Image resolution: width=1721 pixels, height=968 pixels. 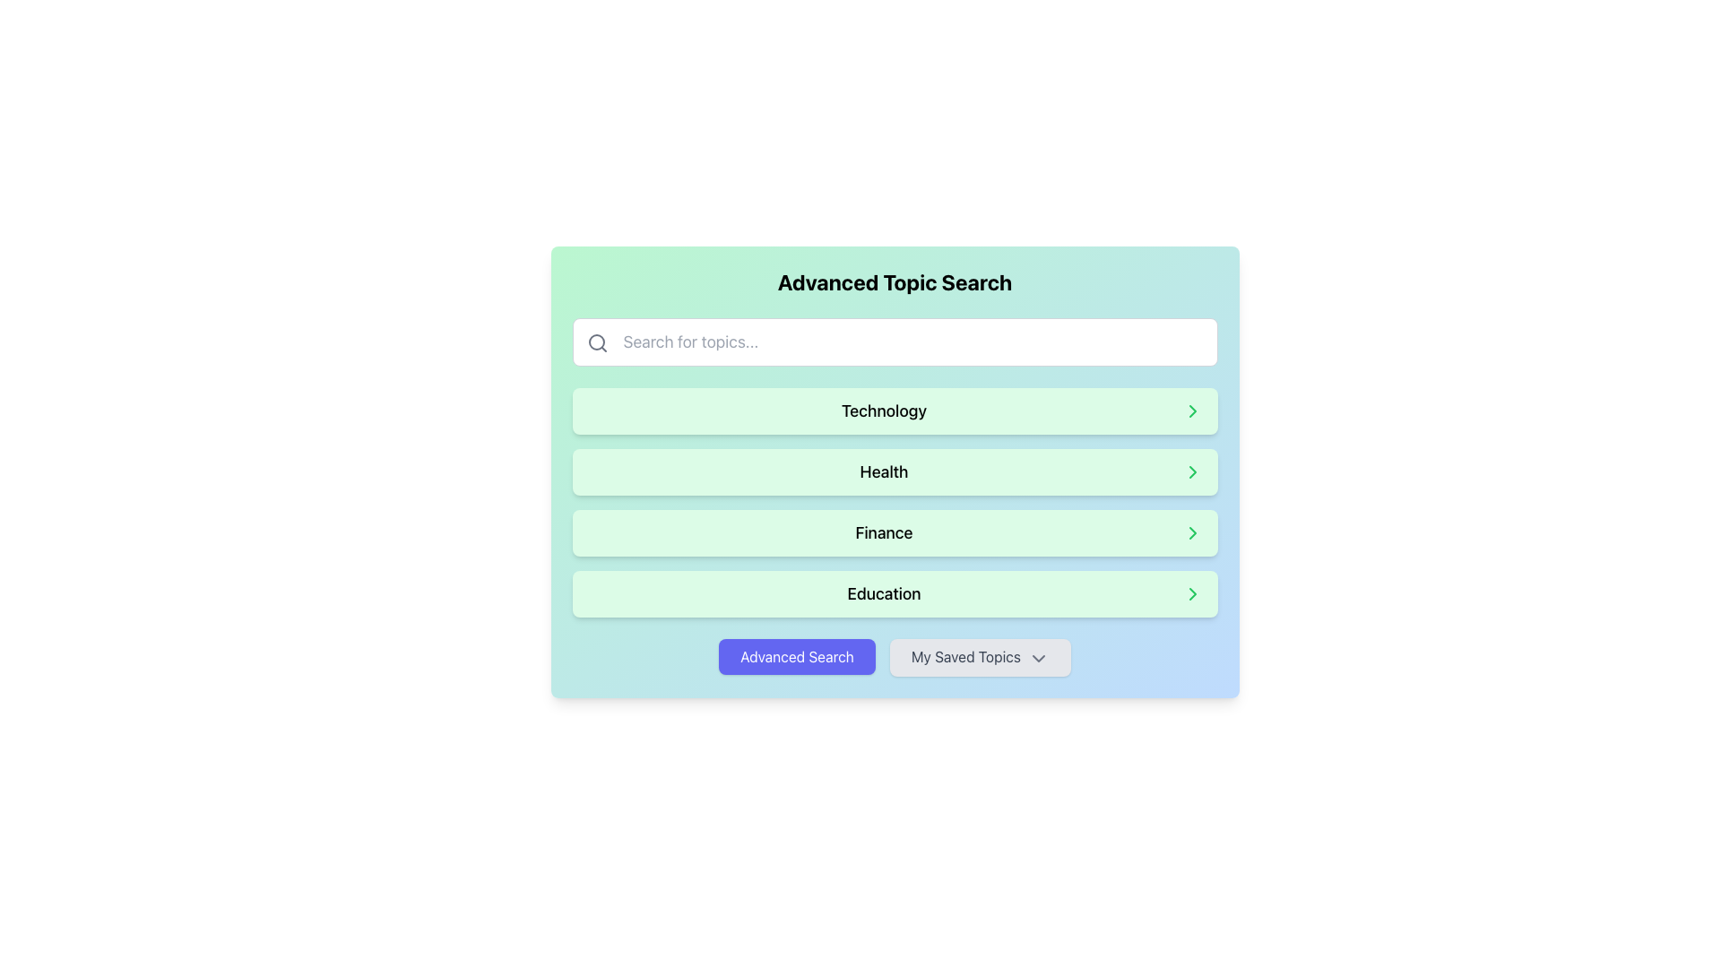 I want to click on the 'Education' category button located below the 'Finance' button in the vertical list under 'Advanced Topic Search', so click(x=895, y=594).